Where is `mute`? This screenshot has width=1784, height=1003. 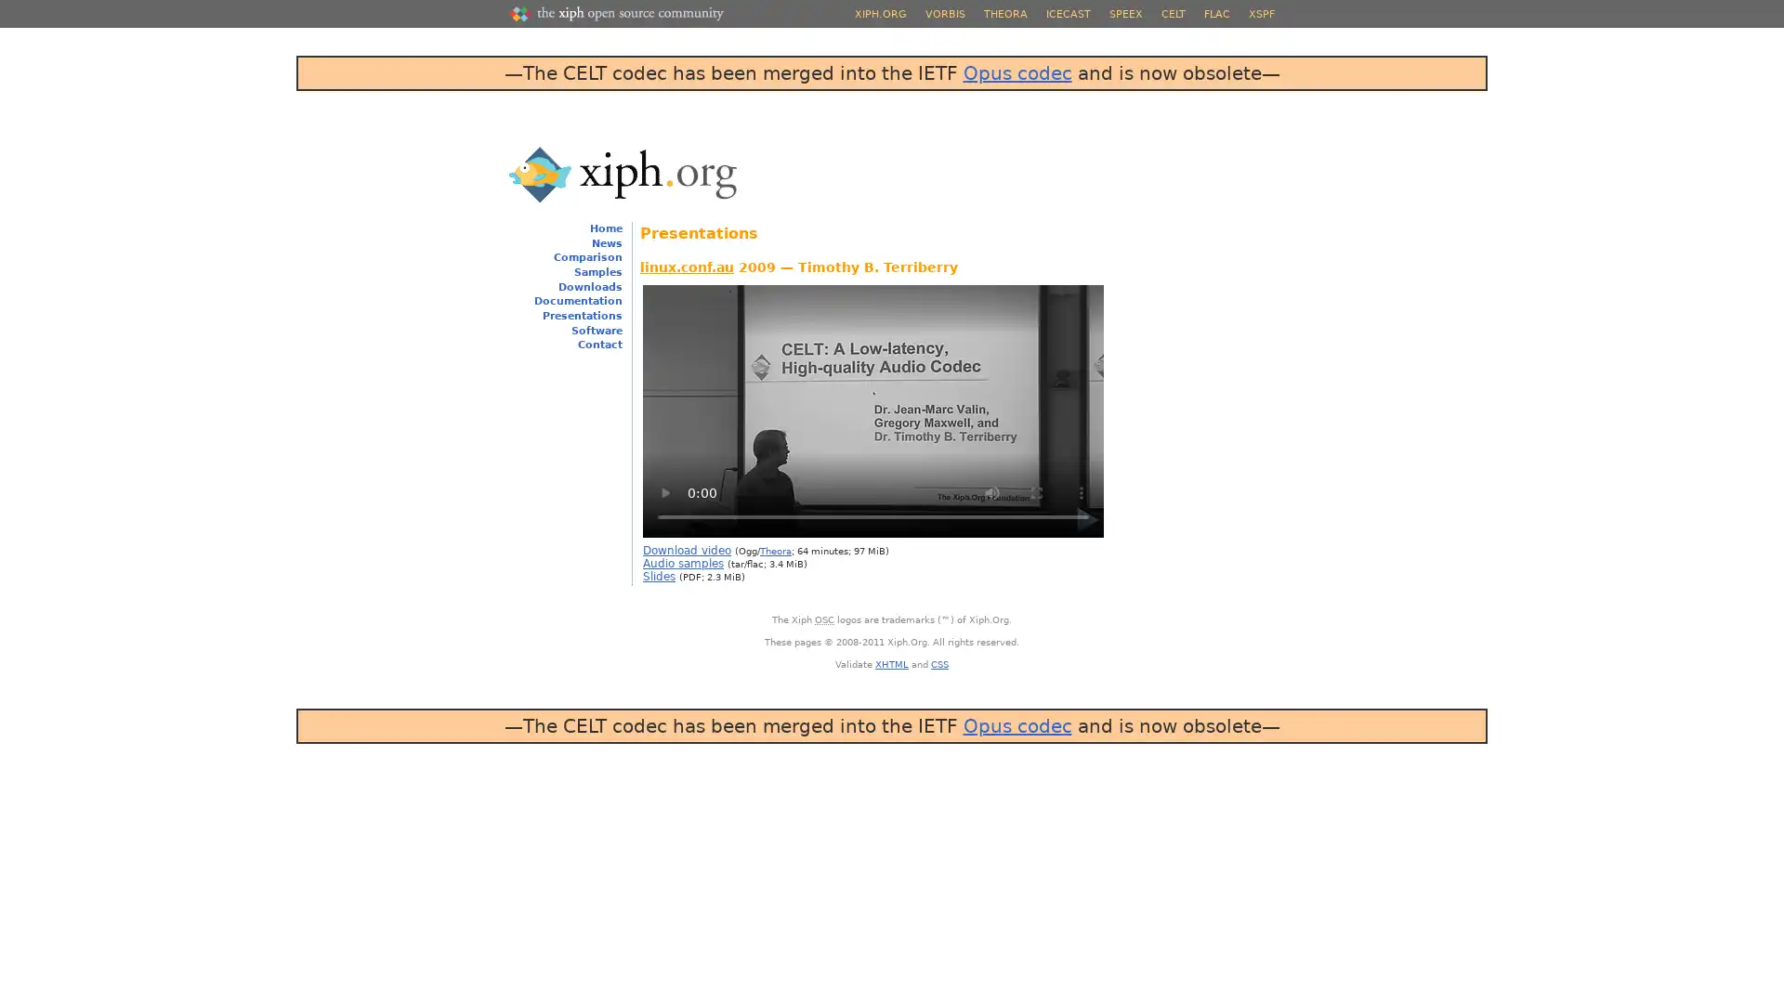 mute is located at coordinates (990, 490).